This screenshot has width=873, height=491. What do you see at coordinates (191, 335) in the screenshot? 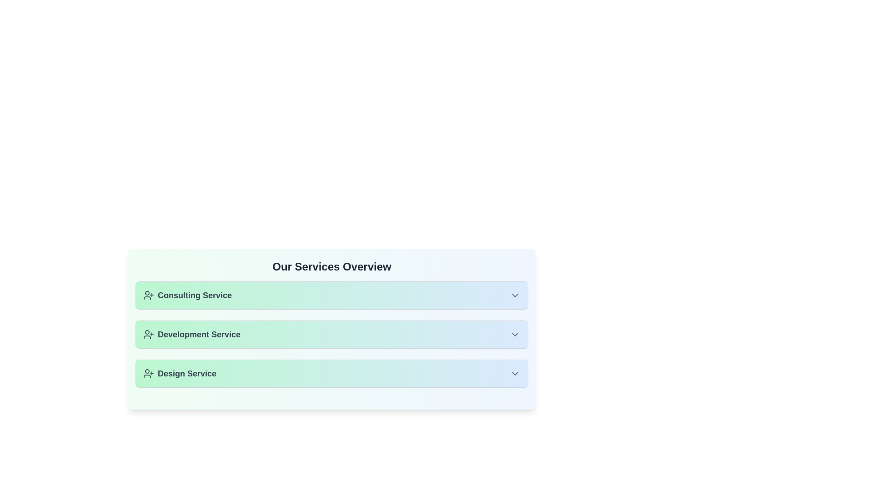
I see `the static text element labeled 'Development Service', which is the second item in a vertical list of services` at bounding box center [191, 335].